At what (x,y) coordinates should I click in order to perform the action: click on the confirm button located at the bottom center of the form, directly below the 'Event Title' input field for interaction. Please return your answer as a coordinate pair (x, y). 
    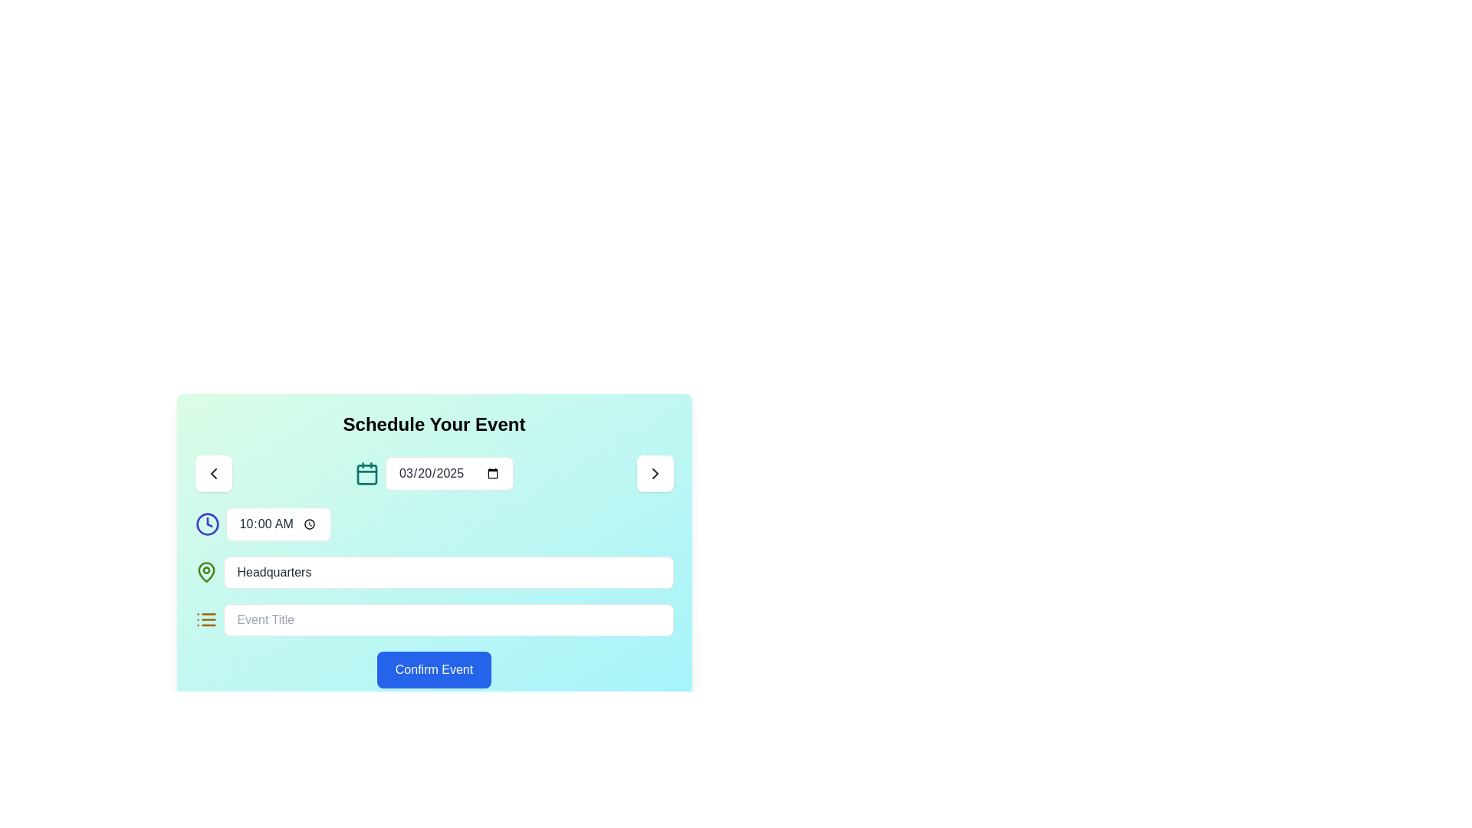
    Looking at the image, I should click on (433, 669).